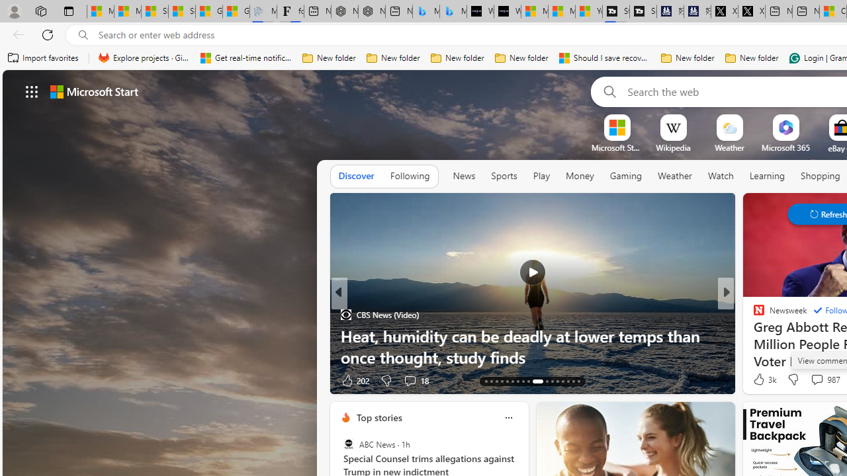 The height and width of the screenshot is (476, 847). I want to click on 'AutomationID: tab-28', so click(572, 381).